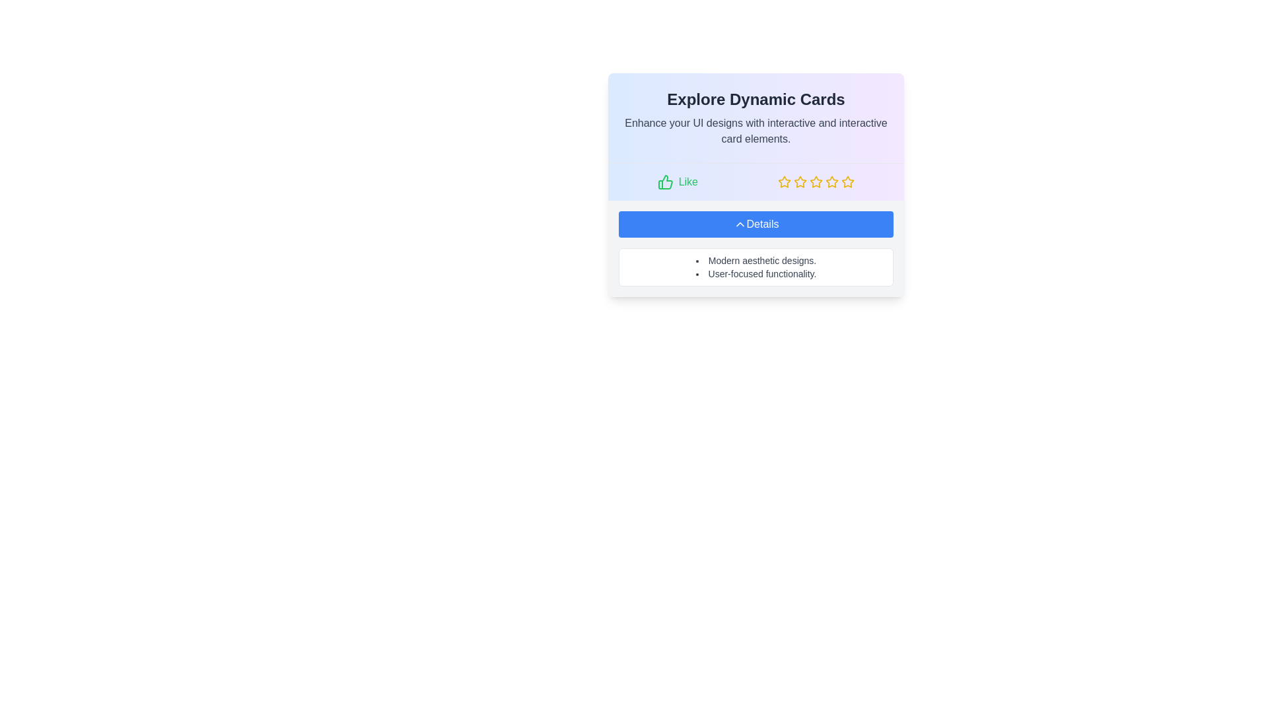 This screenshot has height=713, width=1268. I want to click on the second list item displaying 'User-focused functionality.' which is styled in gray and prefixed by a bullet point, located below the 'Details' button, so click(756, 273).